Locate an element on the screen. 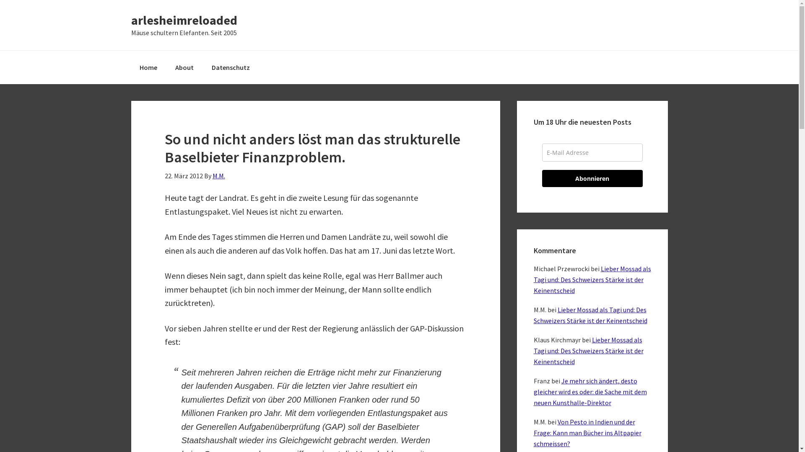  'Zur Hauptnavigation springen' is located at coordinates (0, 0).